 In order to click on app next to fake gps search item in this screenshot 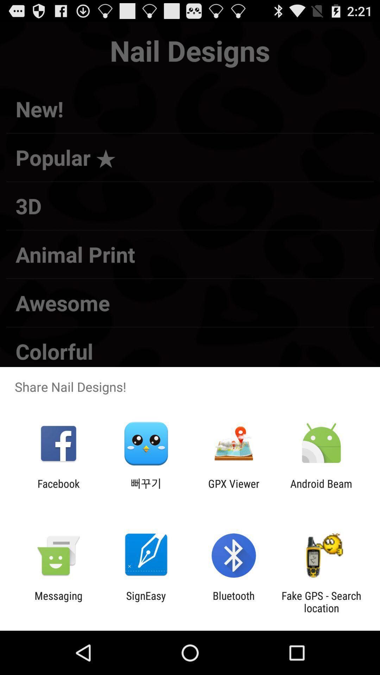, I will do `click(234, 602)`.